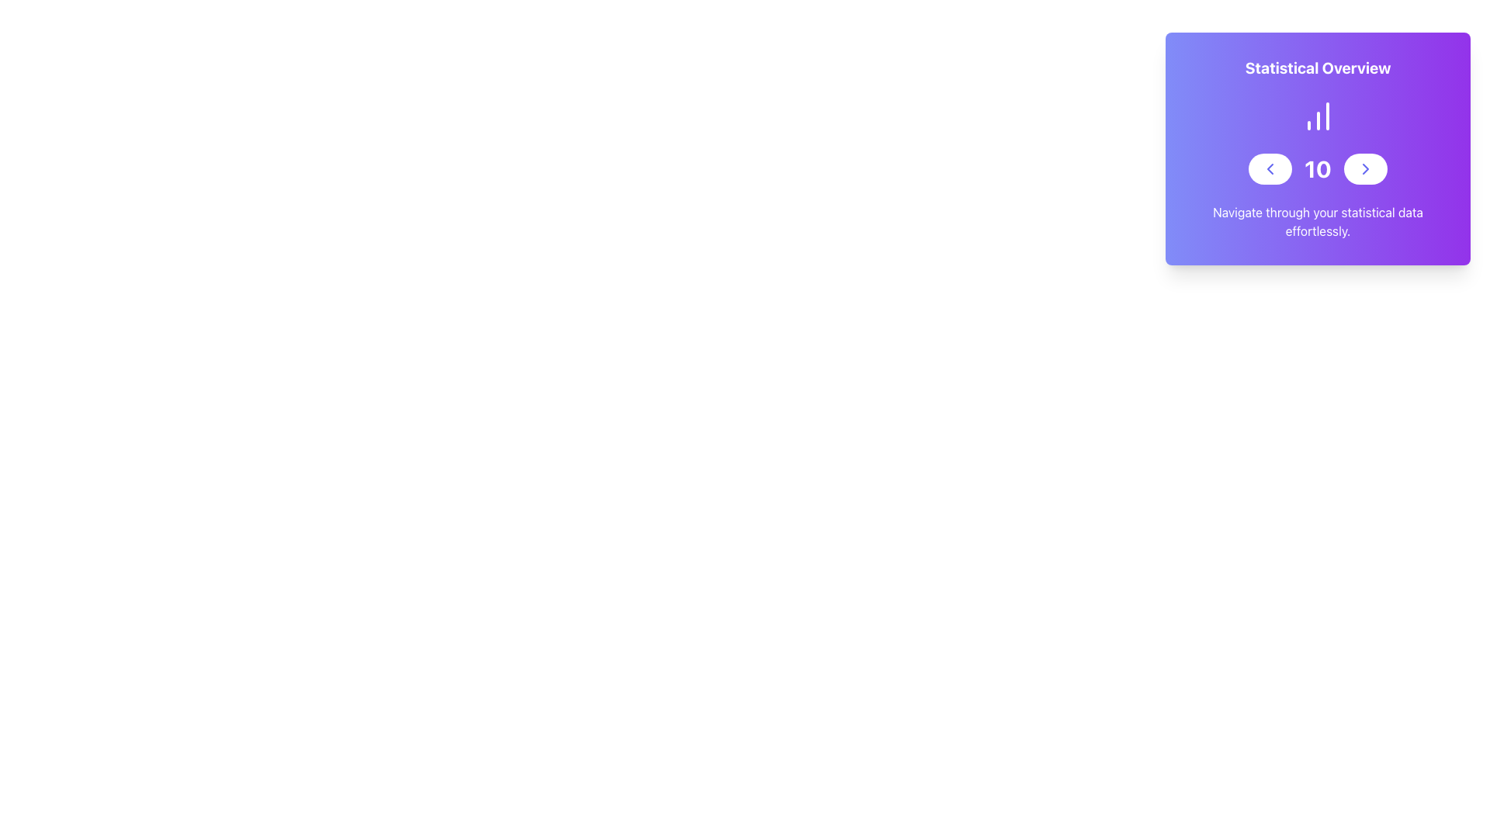 The width and height of the screenshot is (1490, 838). What do you see at coordinates (1270, 169) in the screenshot?
I see `the navigation button located to the left of the numeric label '10' and to the right of the statistical graph icon to trigger its hover states` at bounding box center [1270, 169].